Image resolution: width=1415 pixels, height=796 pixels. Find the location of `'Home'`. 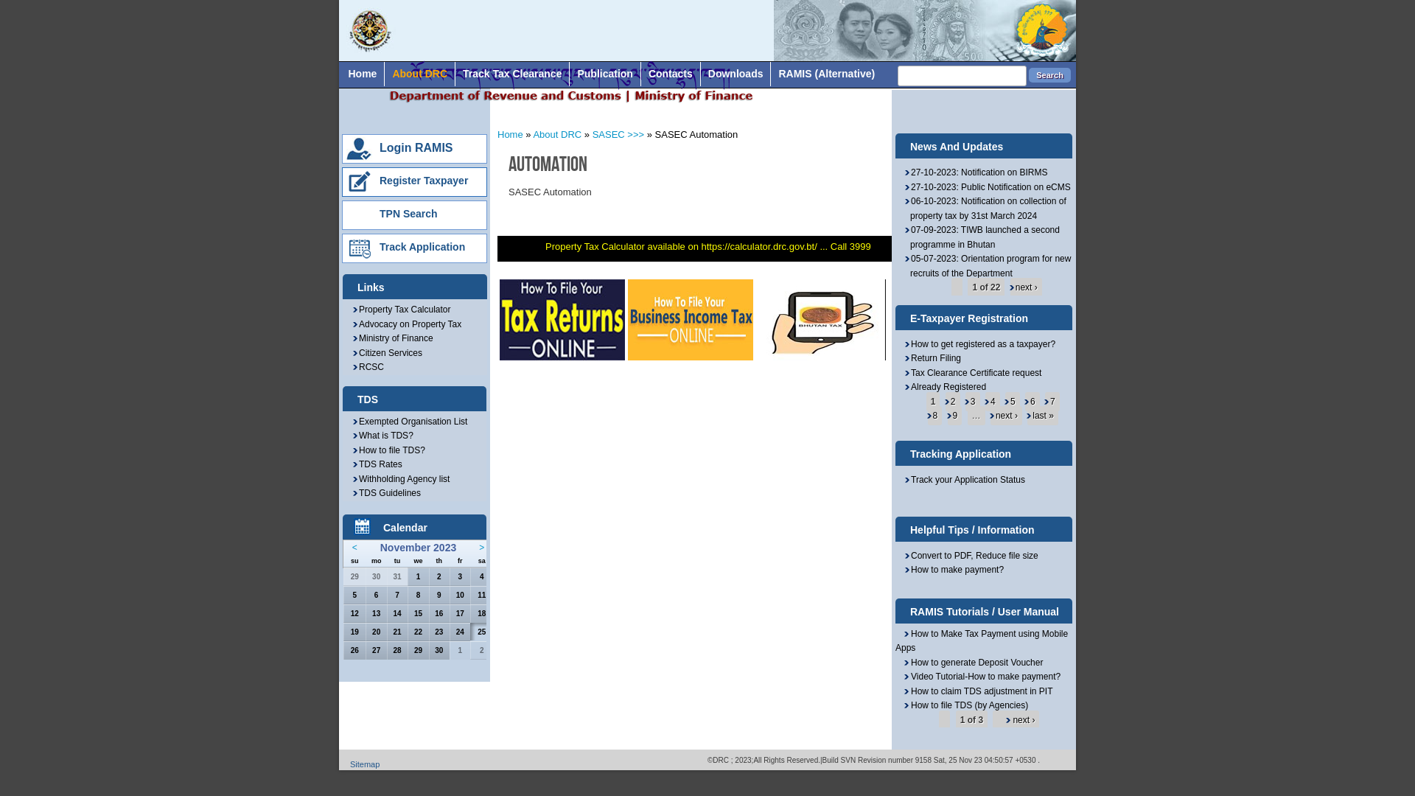

'Home' is located at coordinates (362, 74).